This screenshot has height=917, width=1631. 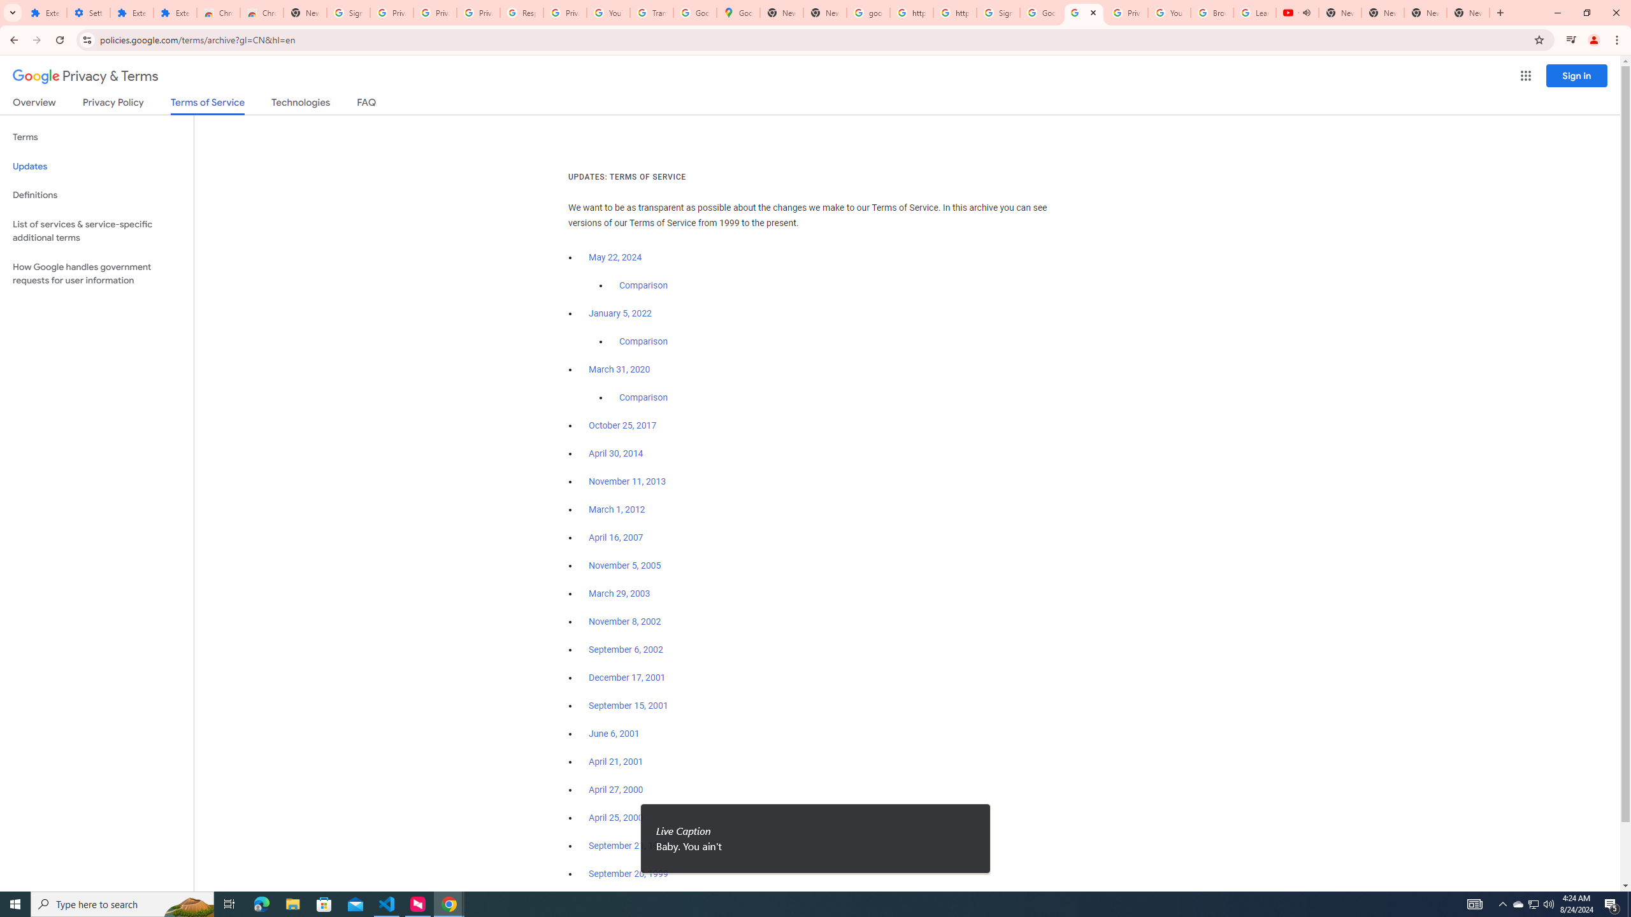 What do you see at coordinates (613, 734) in the screenshot?
I see `'June 6, 2001'` at bounding box center [613, 734].